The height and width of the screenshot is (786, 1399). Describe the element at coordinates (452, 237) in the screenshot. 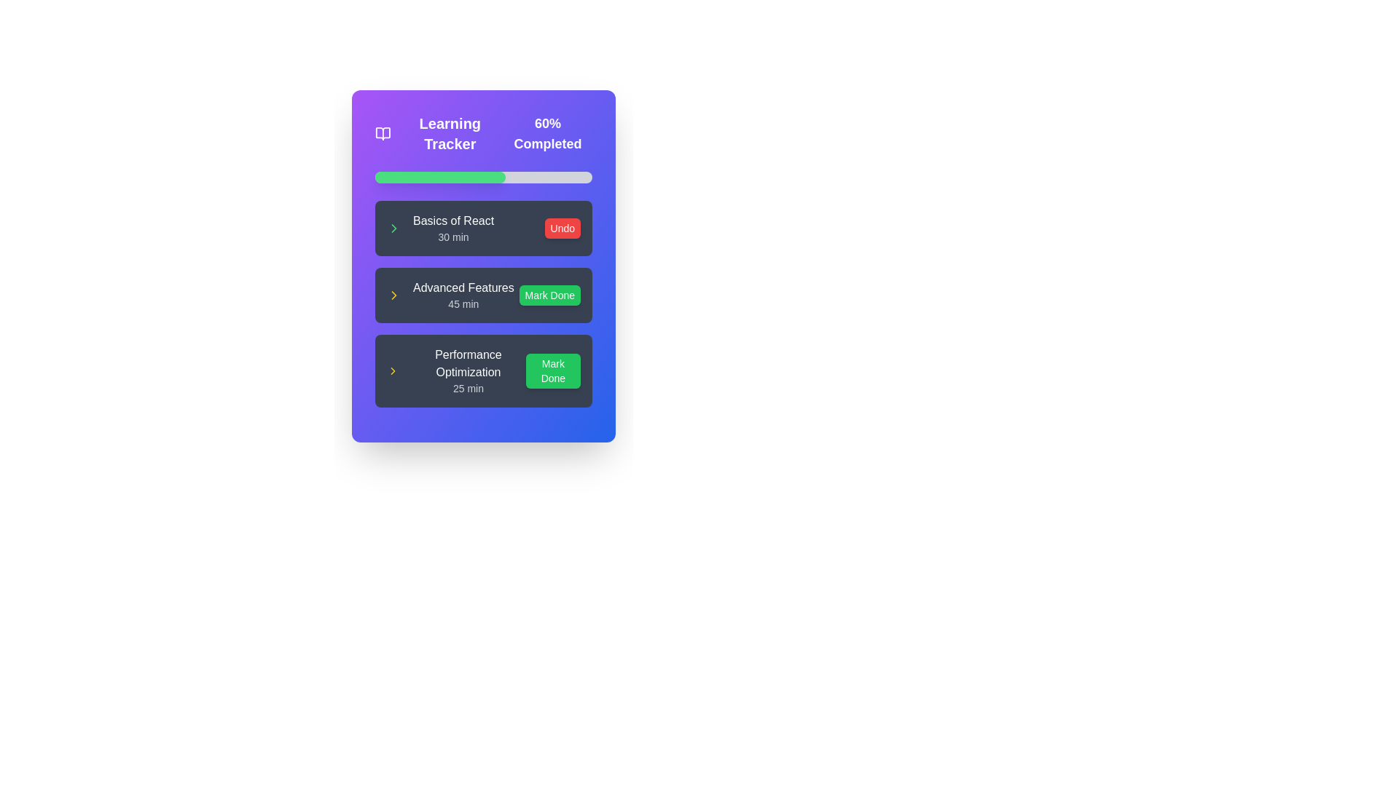

I see `text label that indicates the duration of the 'Basics of React' lesson, located beneath the lesson title in a dark gray section` at that location.